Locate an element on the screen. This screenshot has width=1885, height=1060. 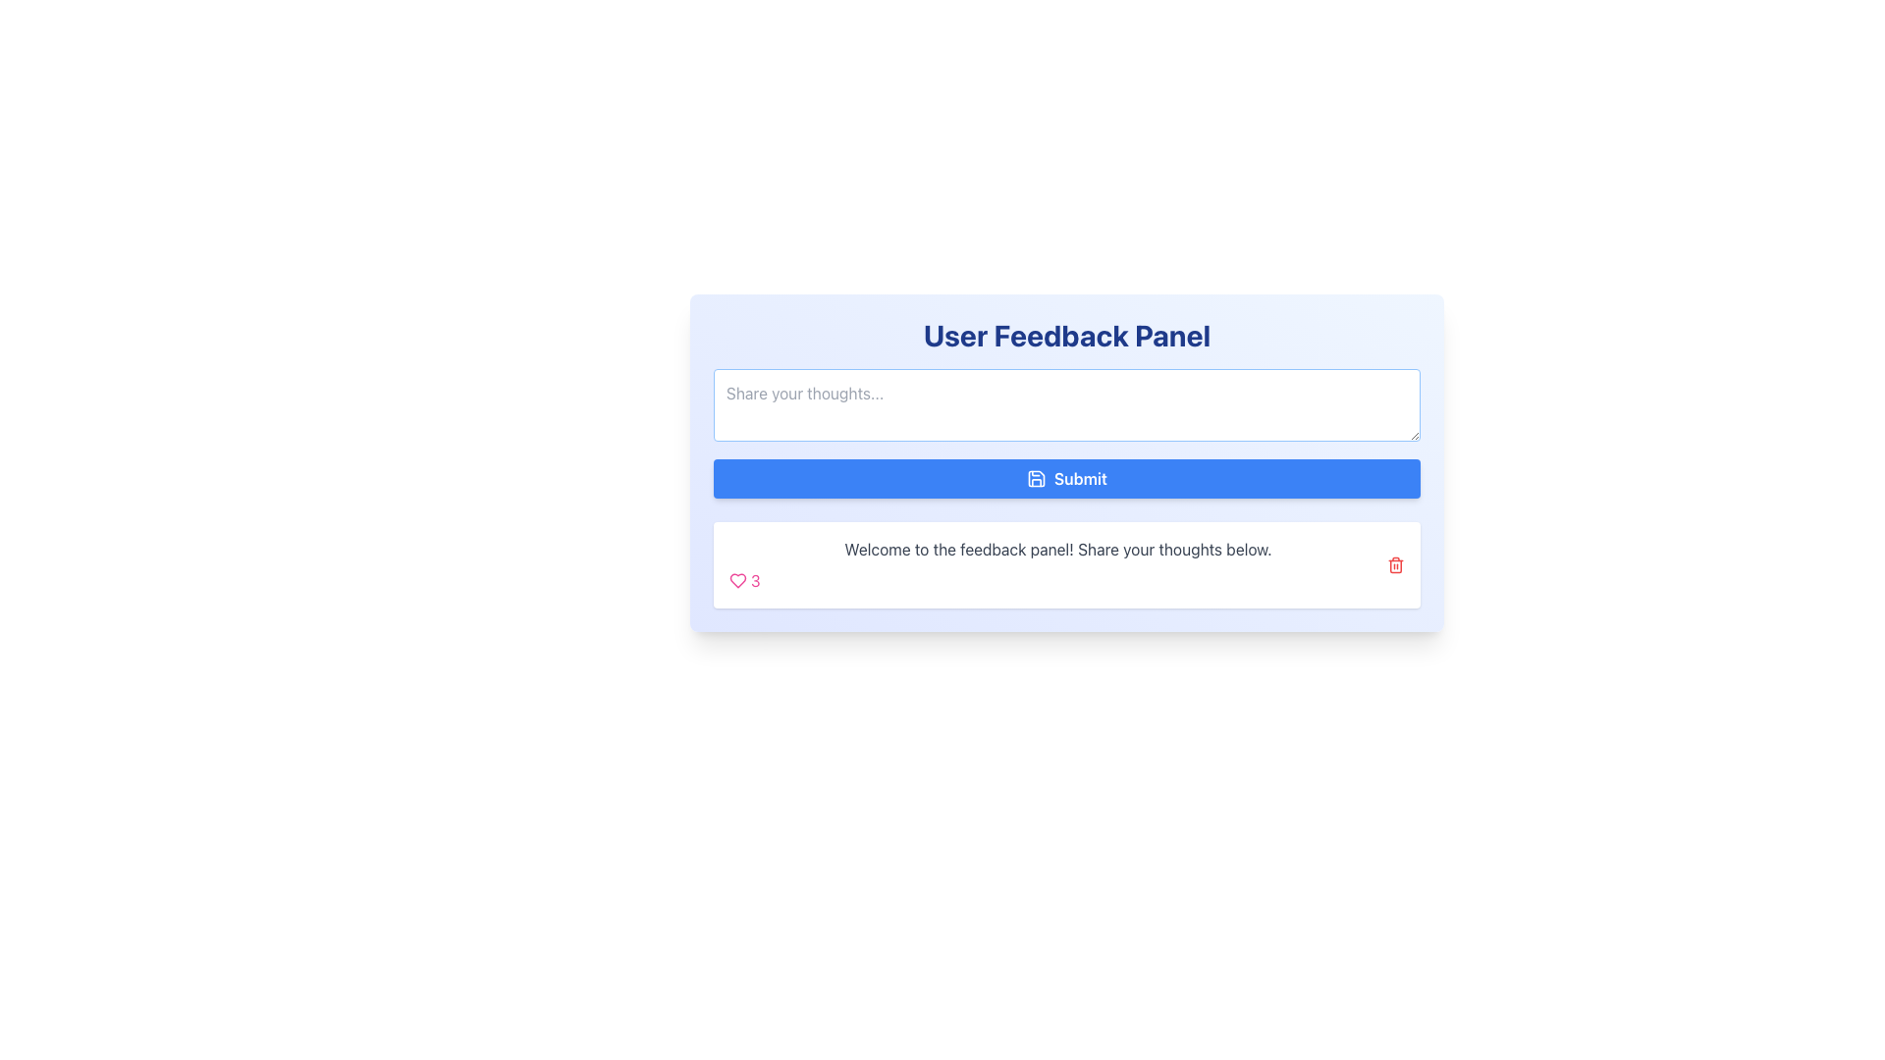
static text element that displays the message 'Welcome to the feedback panel! Share your thoughts below.' to understand the feedback panel's purpose is located at coordinates (1057, 549).